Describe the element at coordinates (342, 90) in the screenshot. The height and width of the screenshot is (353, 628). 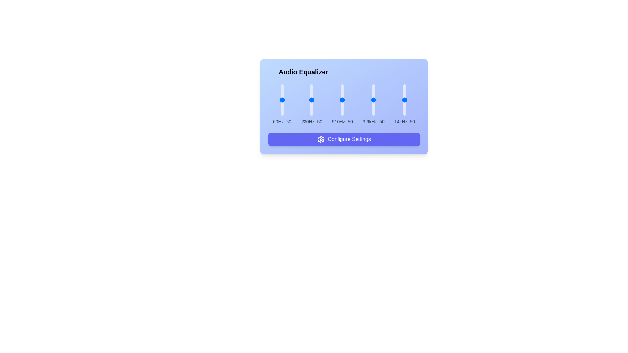
I see `the 910Hz slider` at that location.